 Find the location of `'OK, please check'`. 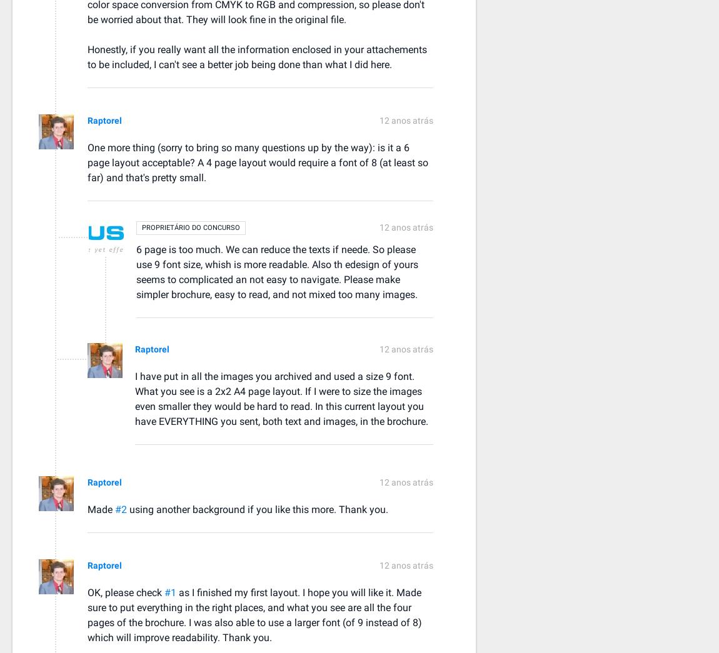

'OK, please check' is located at coordinates (86, 591).